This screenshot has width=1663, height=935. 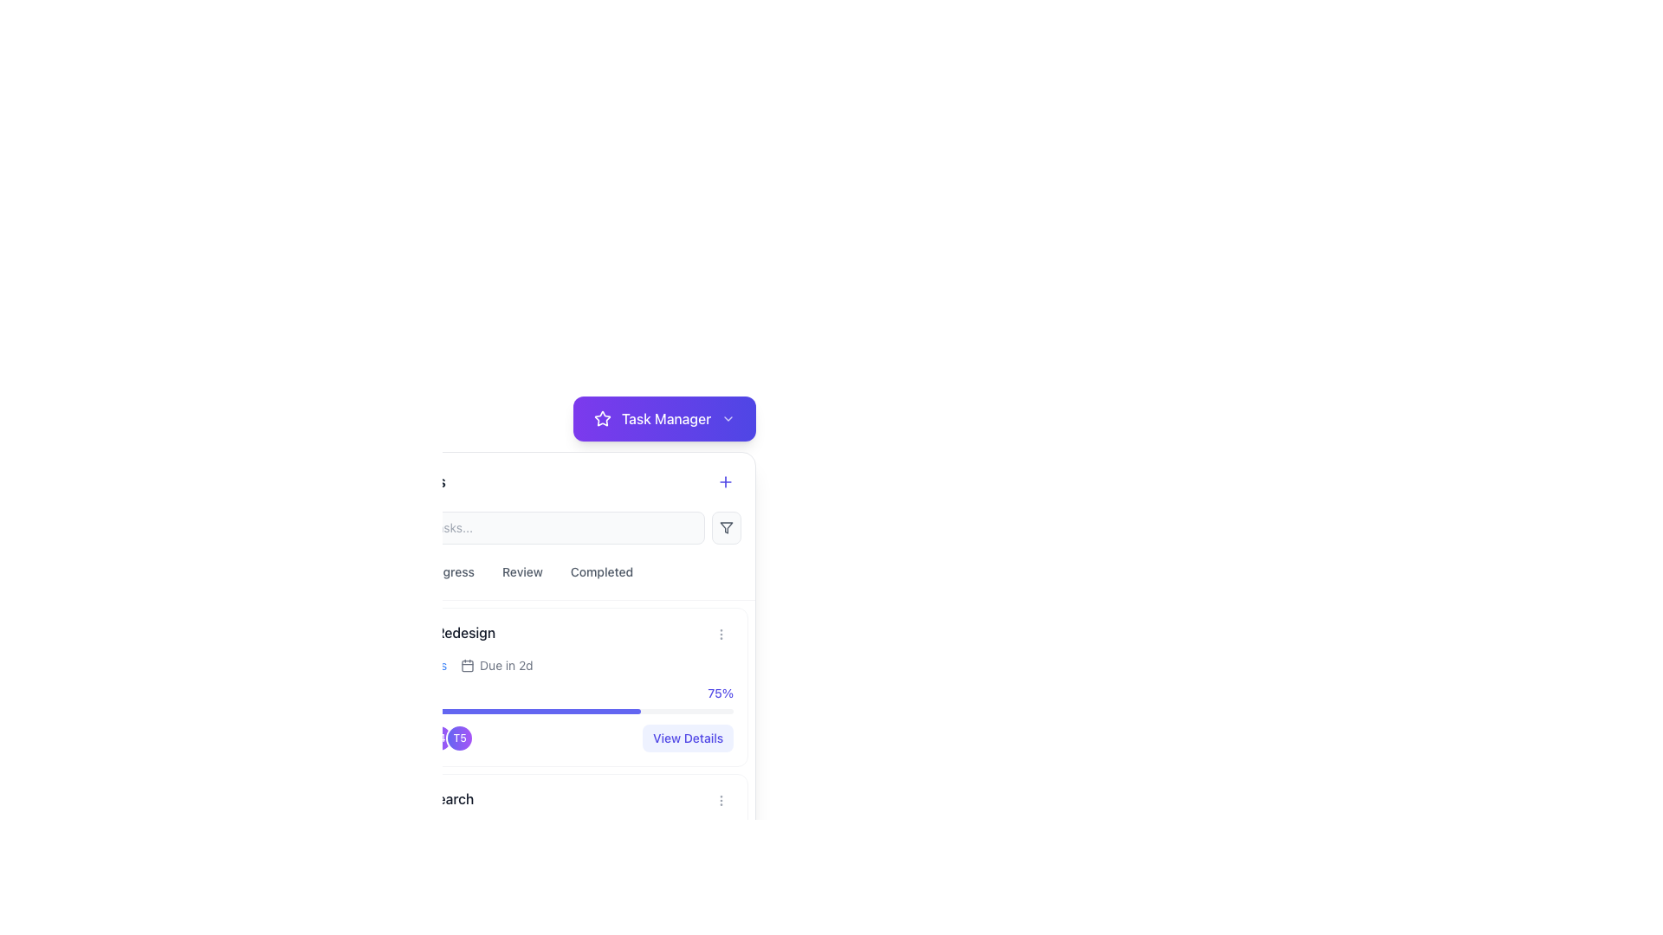 What do you see at coordinates (529, 526) in the screenshot?
I see `to select text in the text input field with a light-gray background and placeholder 'Search tasks...'` at bounding box center [529, 526].